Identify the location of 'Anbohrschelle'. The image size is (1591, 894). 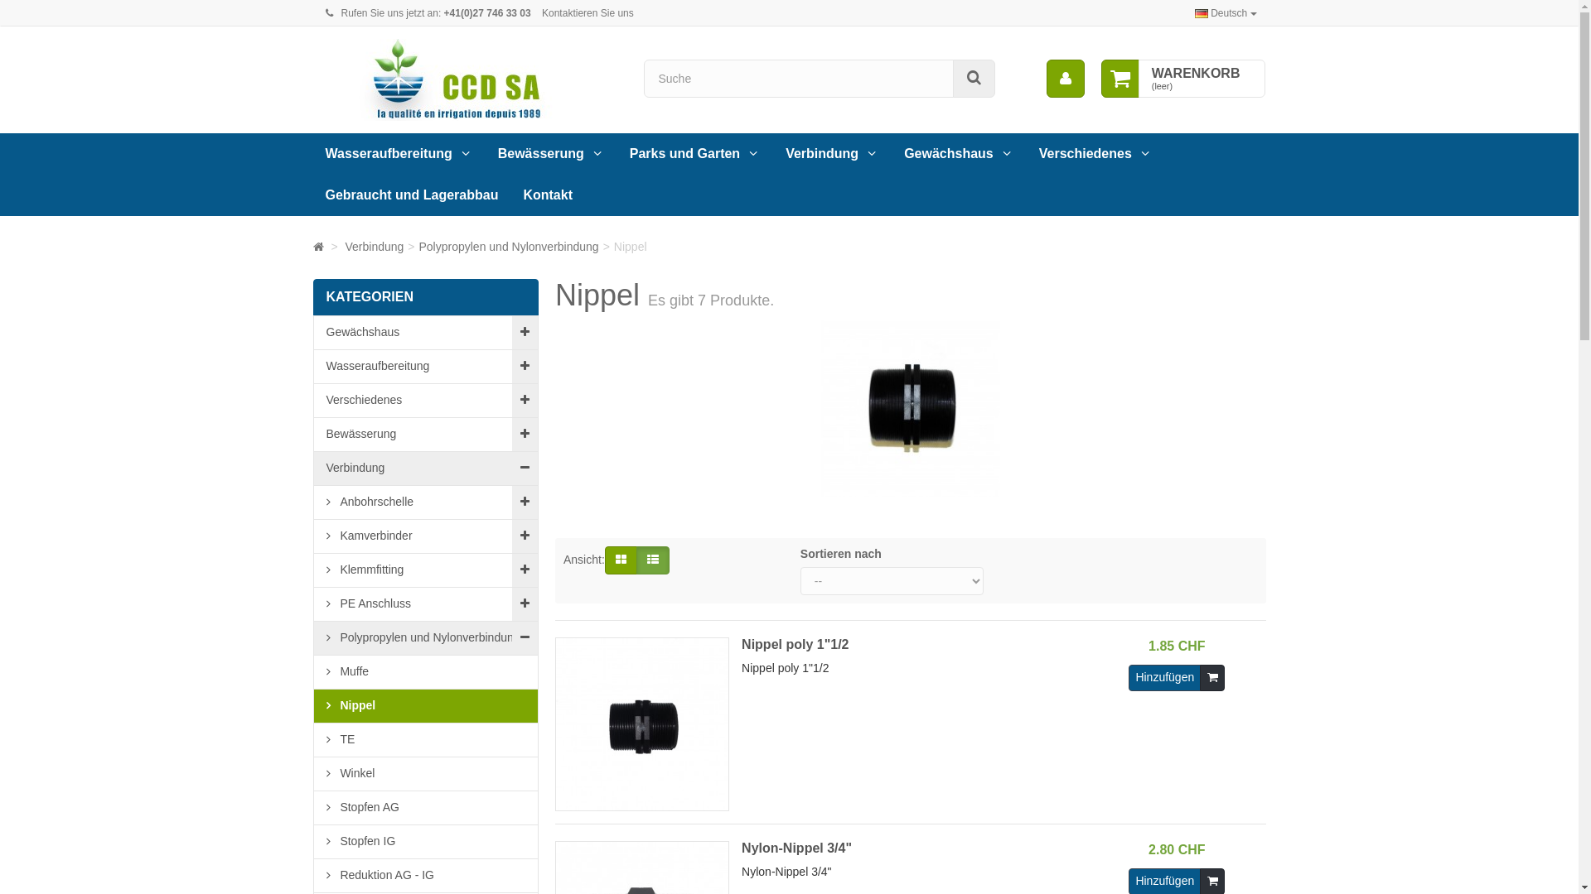
(313, 501).